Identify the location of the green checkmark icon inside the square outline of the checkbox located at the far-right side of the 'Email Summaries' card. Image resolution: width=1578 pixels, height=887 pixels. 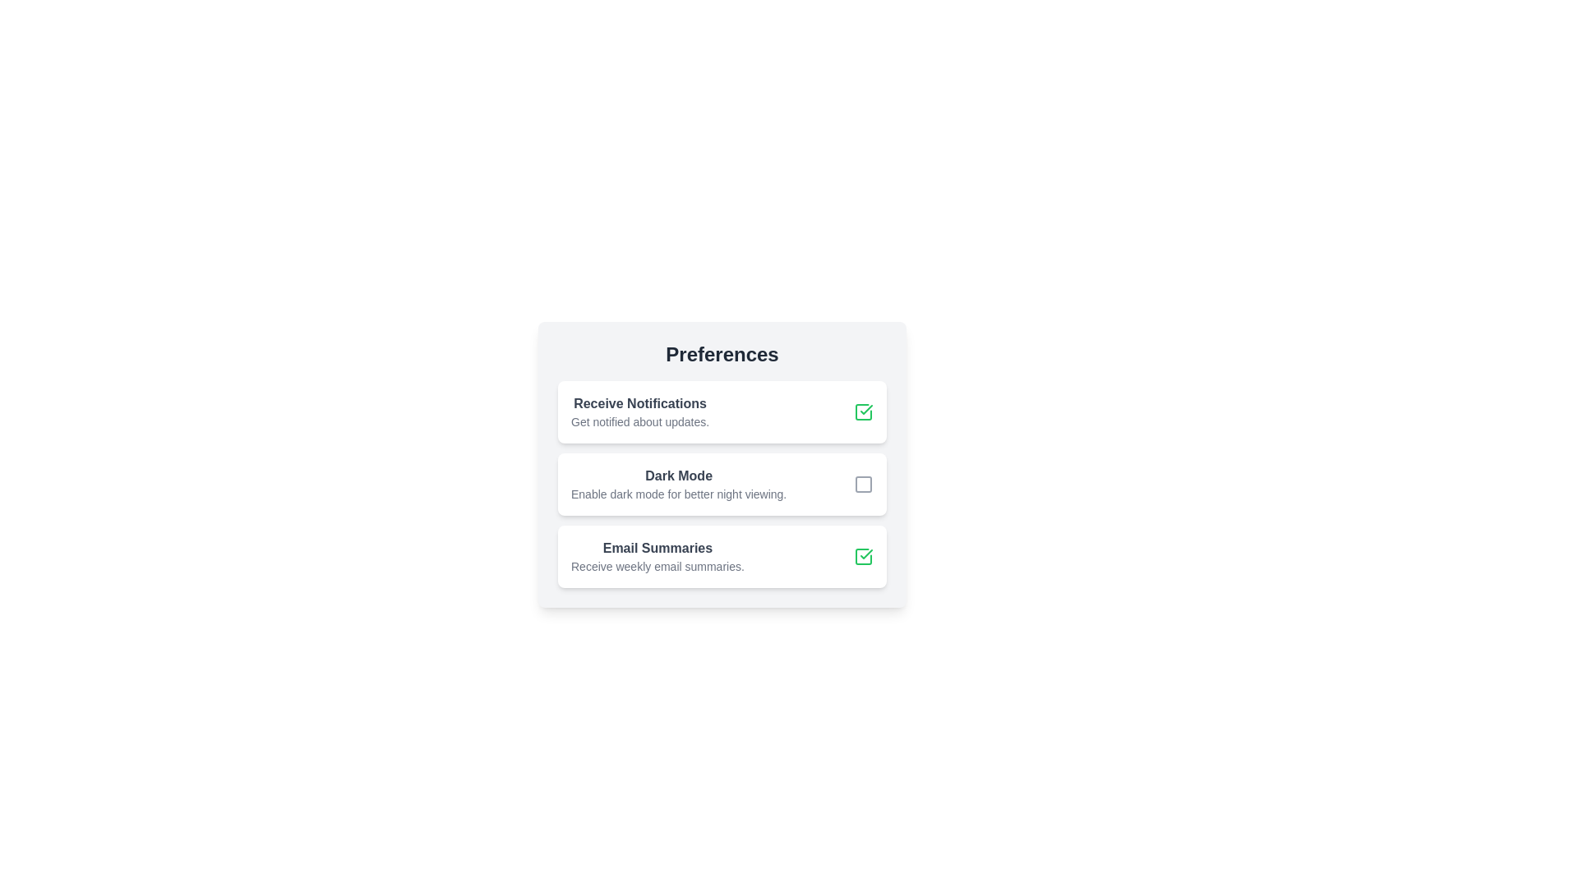
(863, 556).